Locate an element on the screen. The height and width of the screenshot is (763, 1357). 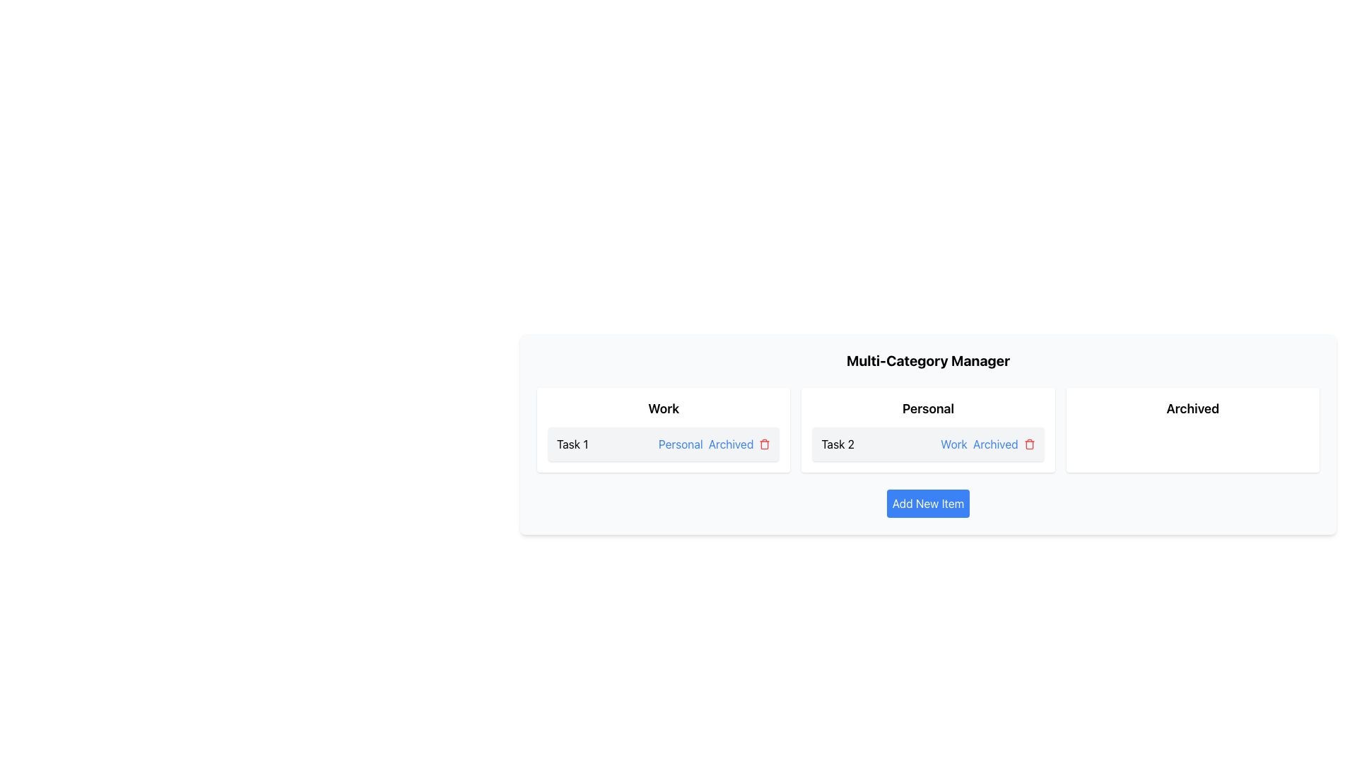
the delete icon in the 'Personal' section next to 'Archived' is located at coordinates (1029, 443).